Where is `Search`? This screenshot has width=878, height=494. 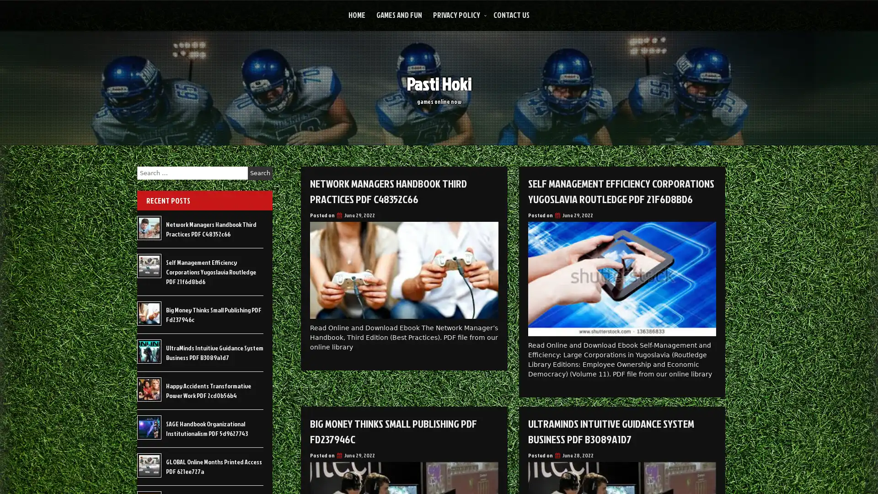
Search is located at coordinates (260, 173).